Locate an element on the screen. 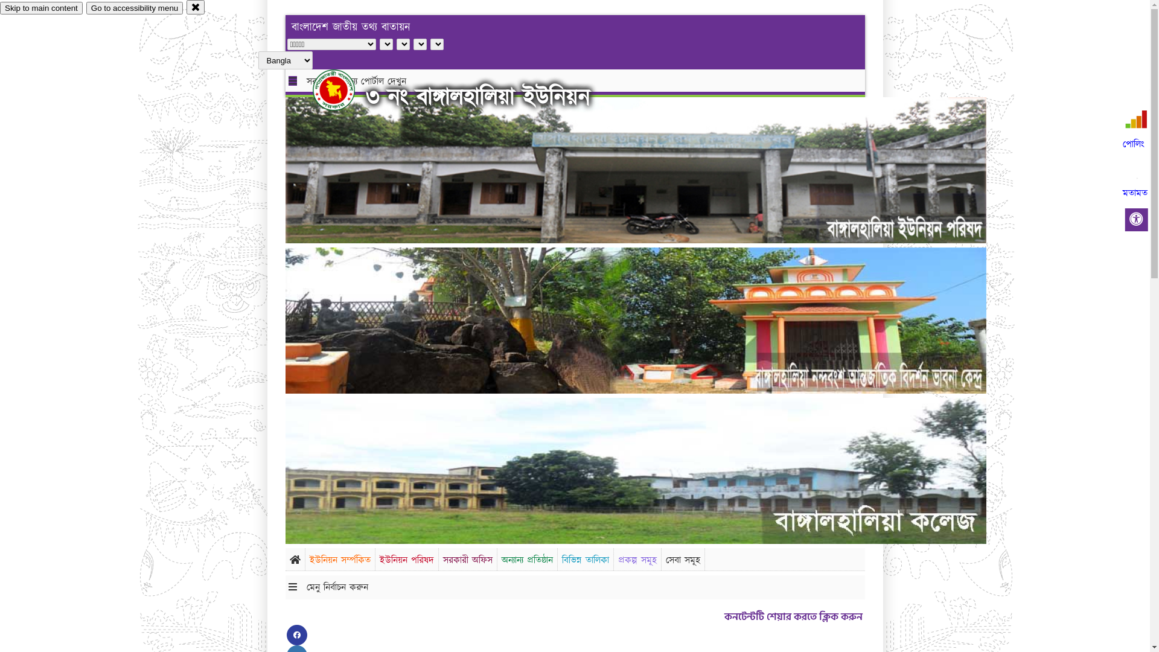  'Skip to main content' is located at coordinates (41, 8).